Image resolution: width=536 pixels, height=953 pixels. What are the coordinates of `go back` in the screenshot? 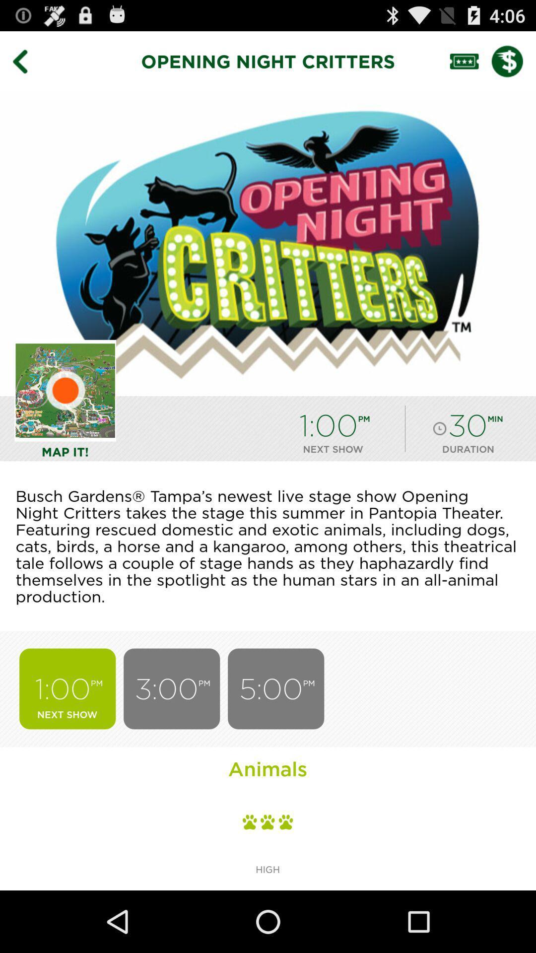 It's located at (27, 61).